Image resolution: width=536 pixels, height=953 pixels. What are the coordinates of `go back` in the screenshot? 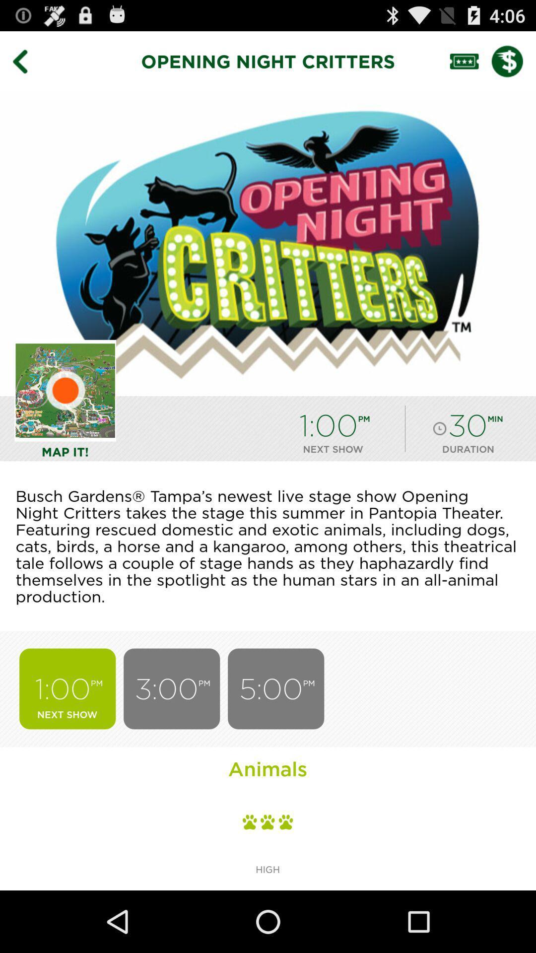 It's located at (27, 61).